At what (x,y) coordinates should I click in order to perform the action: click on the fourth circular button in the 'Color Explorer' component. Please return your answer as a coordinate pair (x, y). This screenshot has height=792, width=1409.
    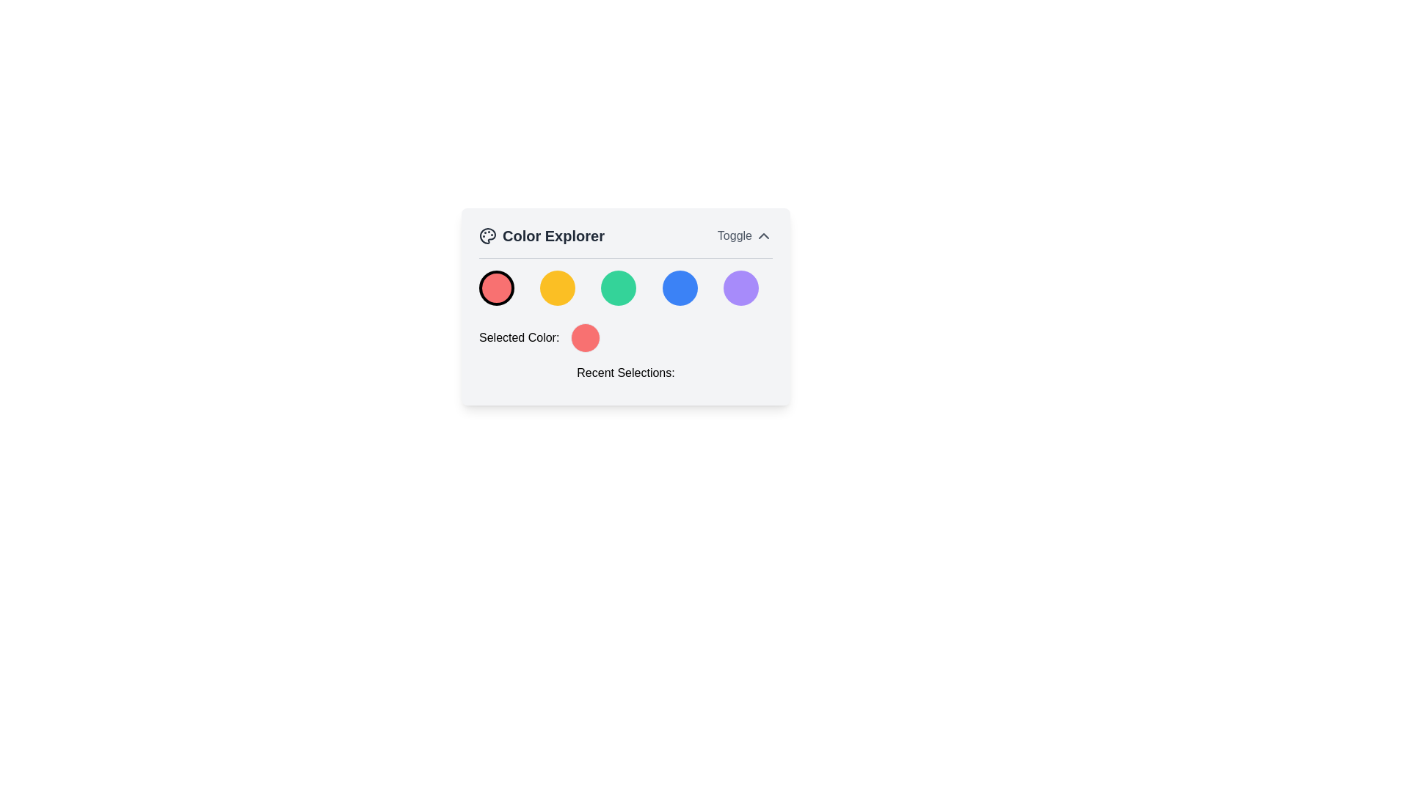
    Looking at the image, I should click on (679, 288).